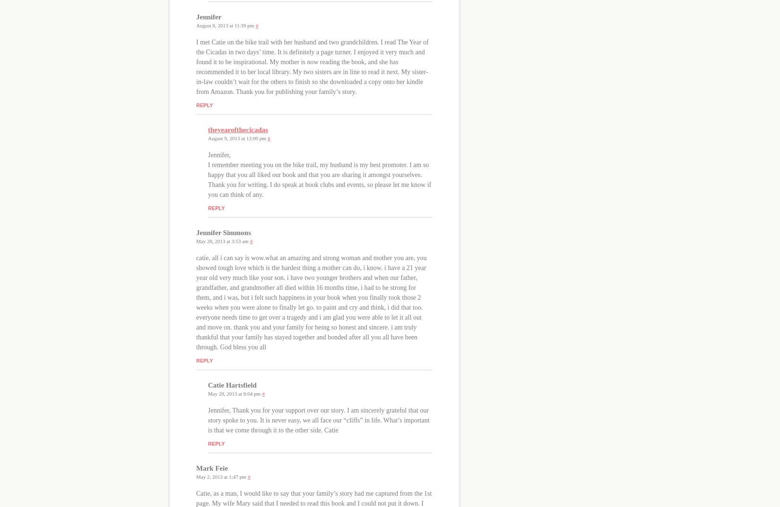 The height and width of the screenshot is (507, 780). What do you see at coordinates (236, 138) in the screenshot?
I see `'August 9, 2013 at 12:00 pm'` at bounding box center [236, 138].